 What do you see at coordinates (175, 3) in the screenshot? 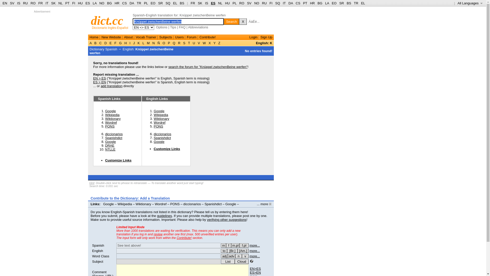
I see `'EL'` at bounding box center [175, 3].